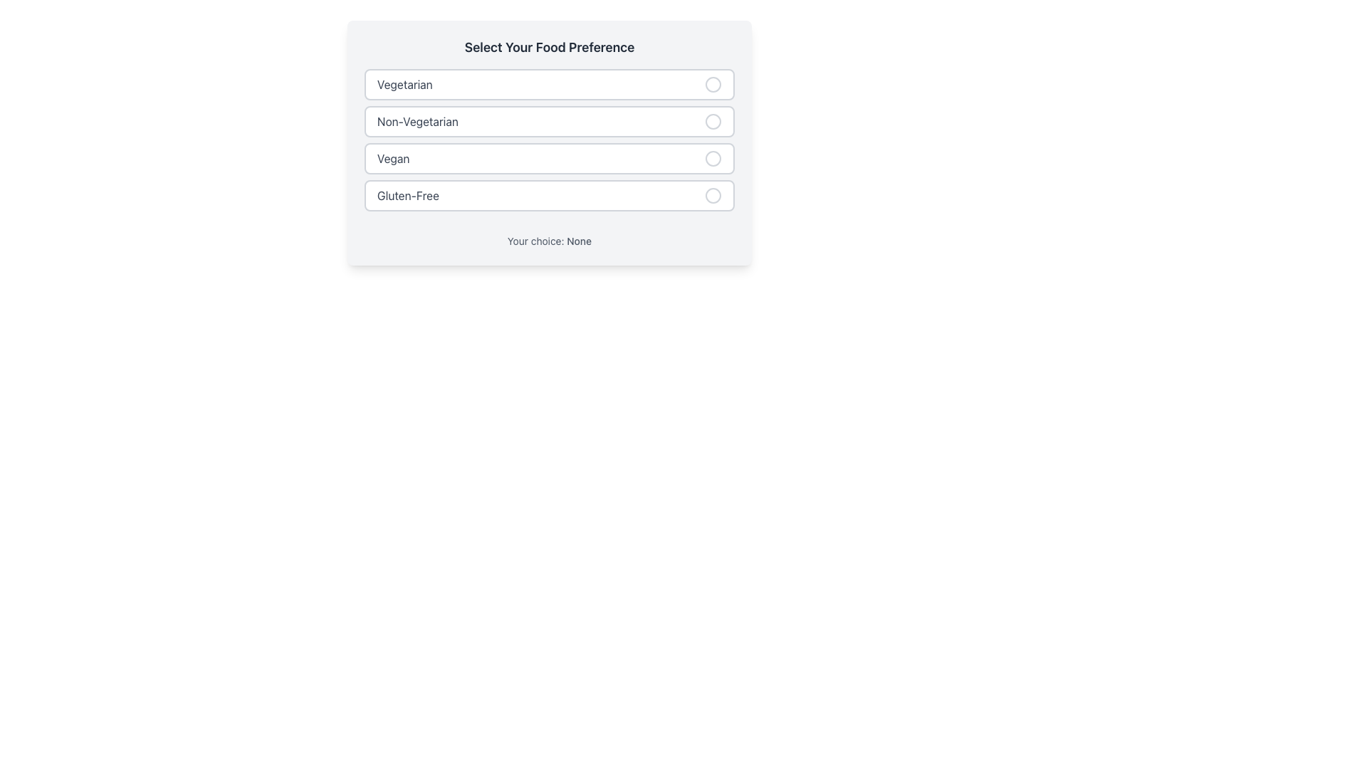 This screenshot has width=1367, height=769. I want to click on the inner circle of the 'Non-Vegetarian' radio button to receive interaction feedback, so click(713, 120).